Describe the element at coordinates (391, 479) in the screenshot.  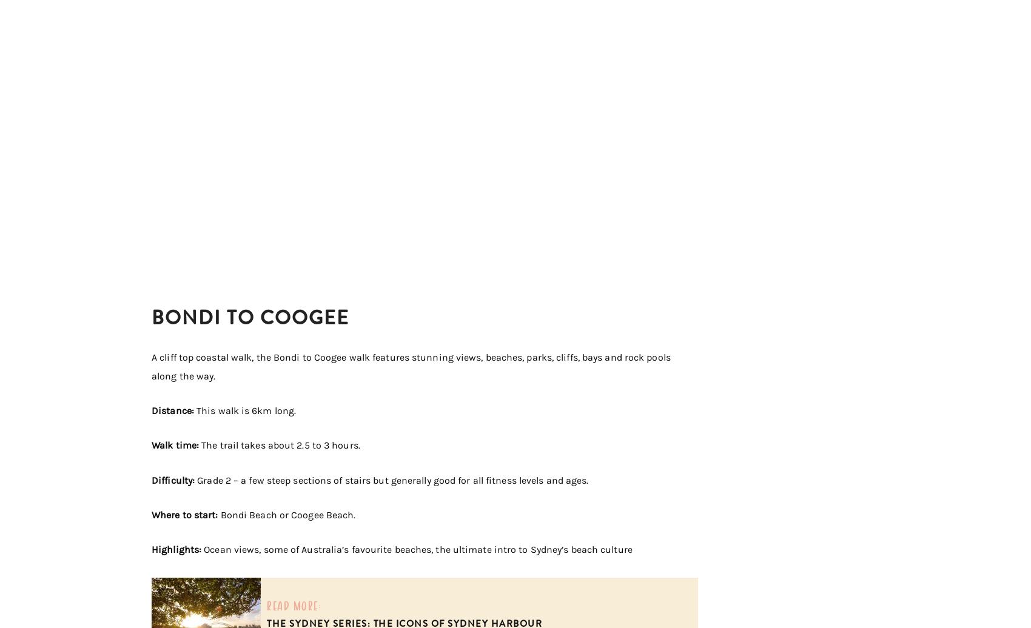
I see `'Grade 2 – a few steep sections of stairs but generally good for all fitness levels and ages.'` at that location.